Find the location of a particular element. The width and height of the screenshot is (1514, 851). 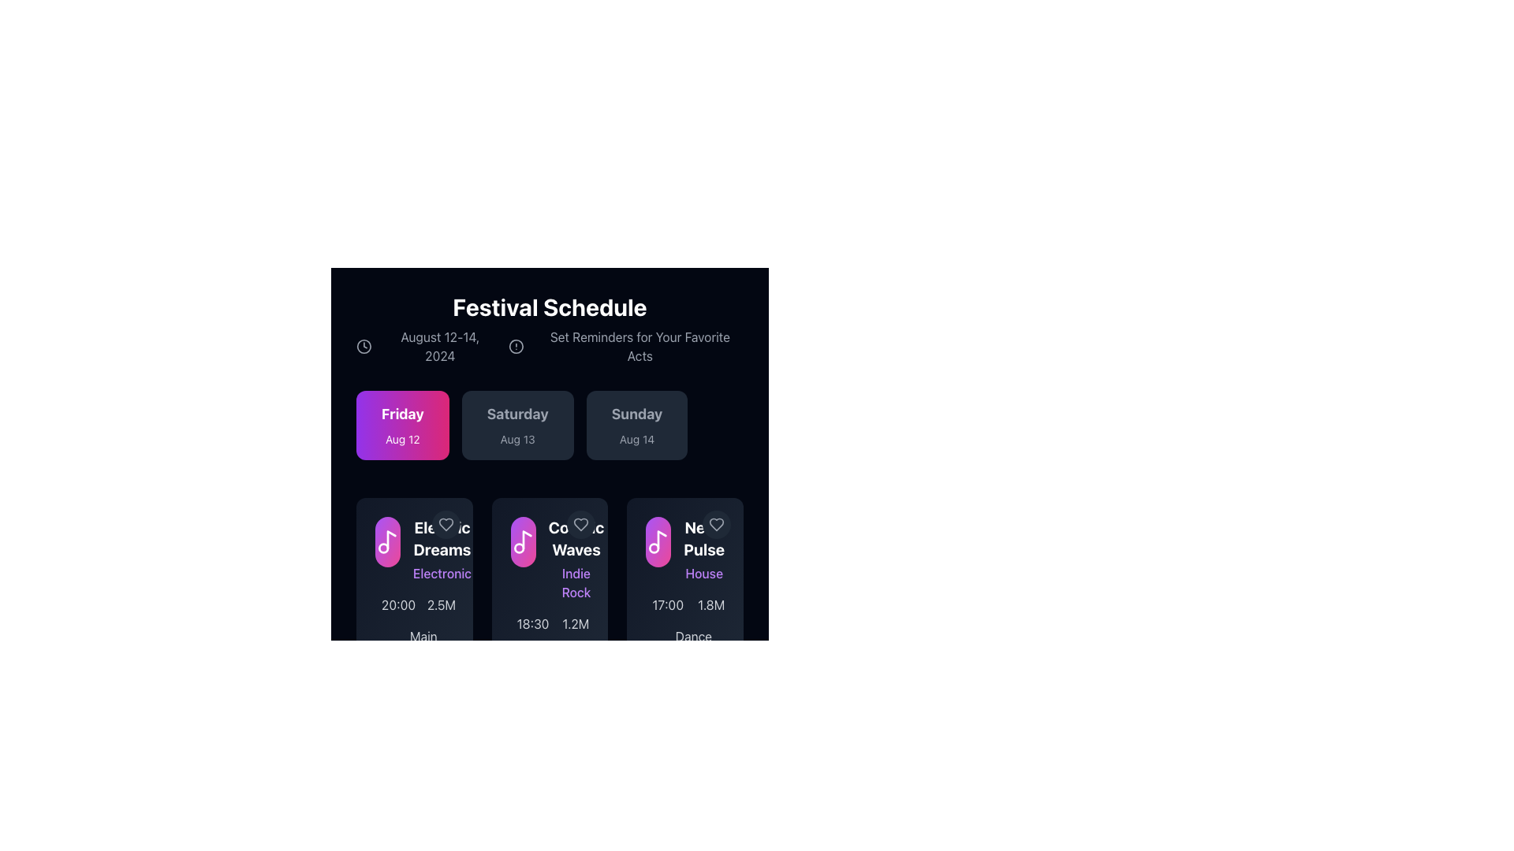

the informational text group that provides festival dates and reminder settings, located in the 'Festival Schedule' section, between the date text and another icon is located at coordinates (550, 345).